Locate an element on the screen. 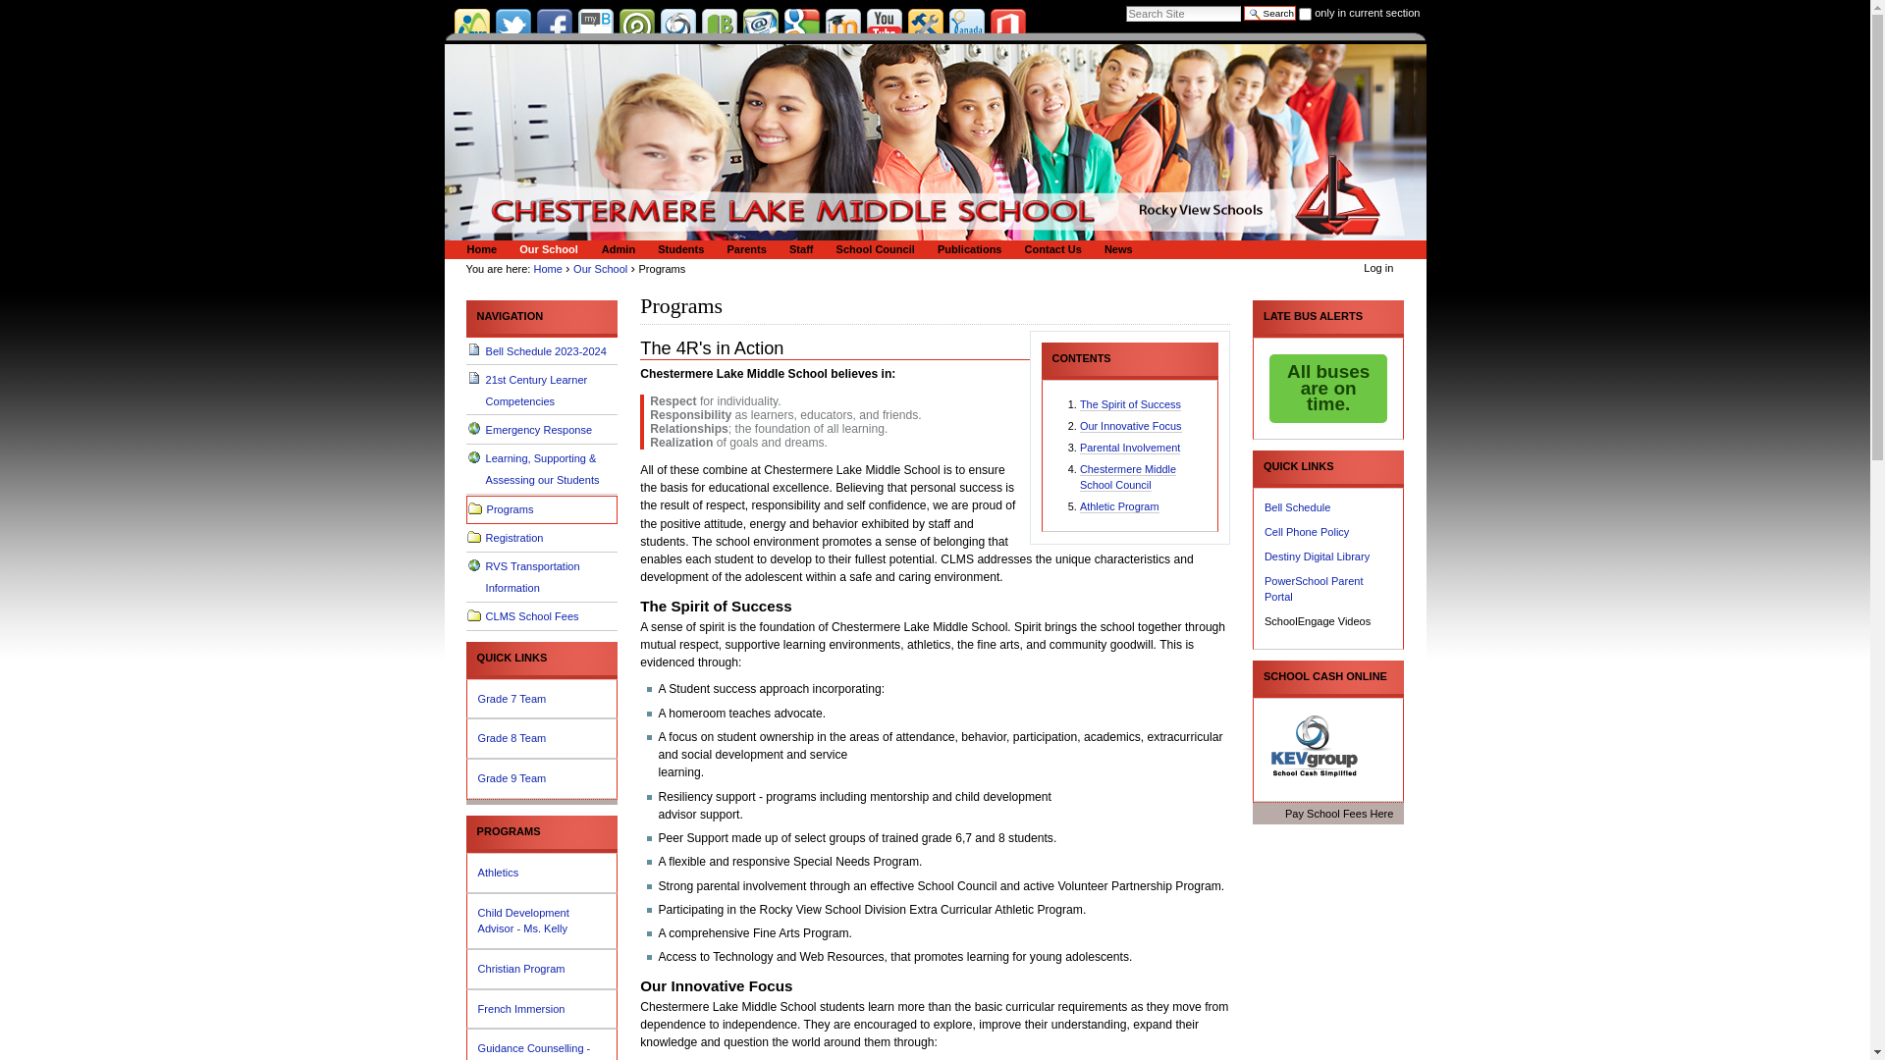 The image size is (1885, 1060). 'Log in' is located at coordinates (1362, 268).